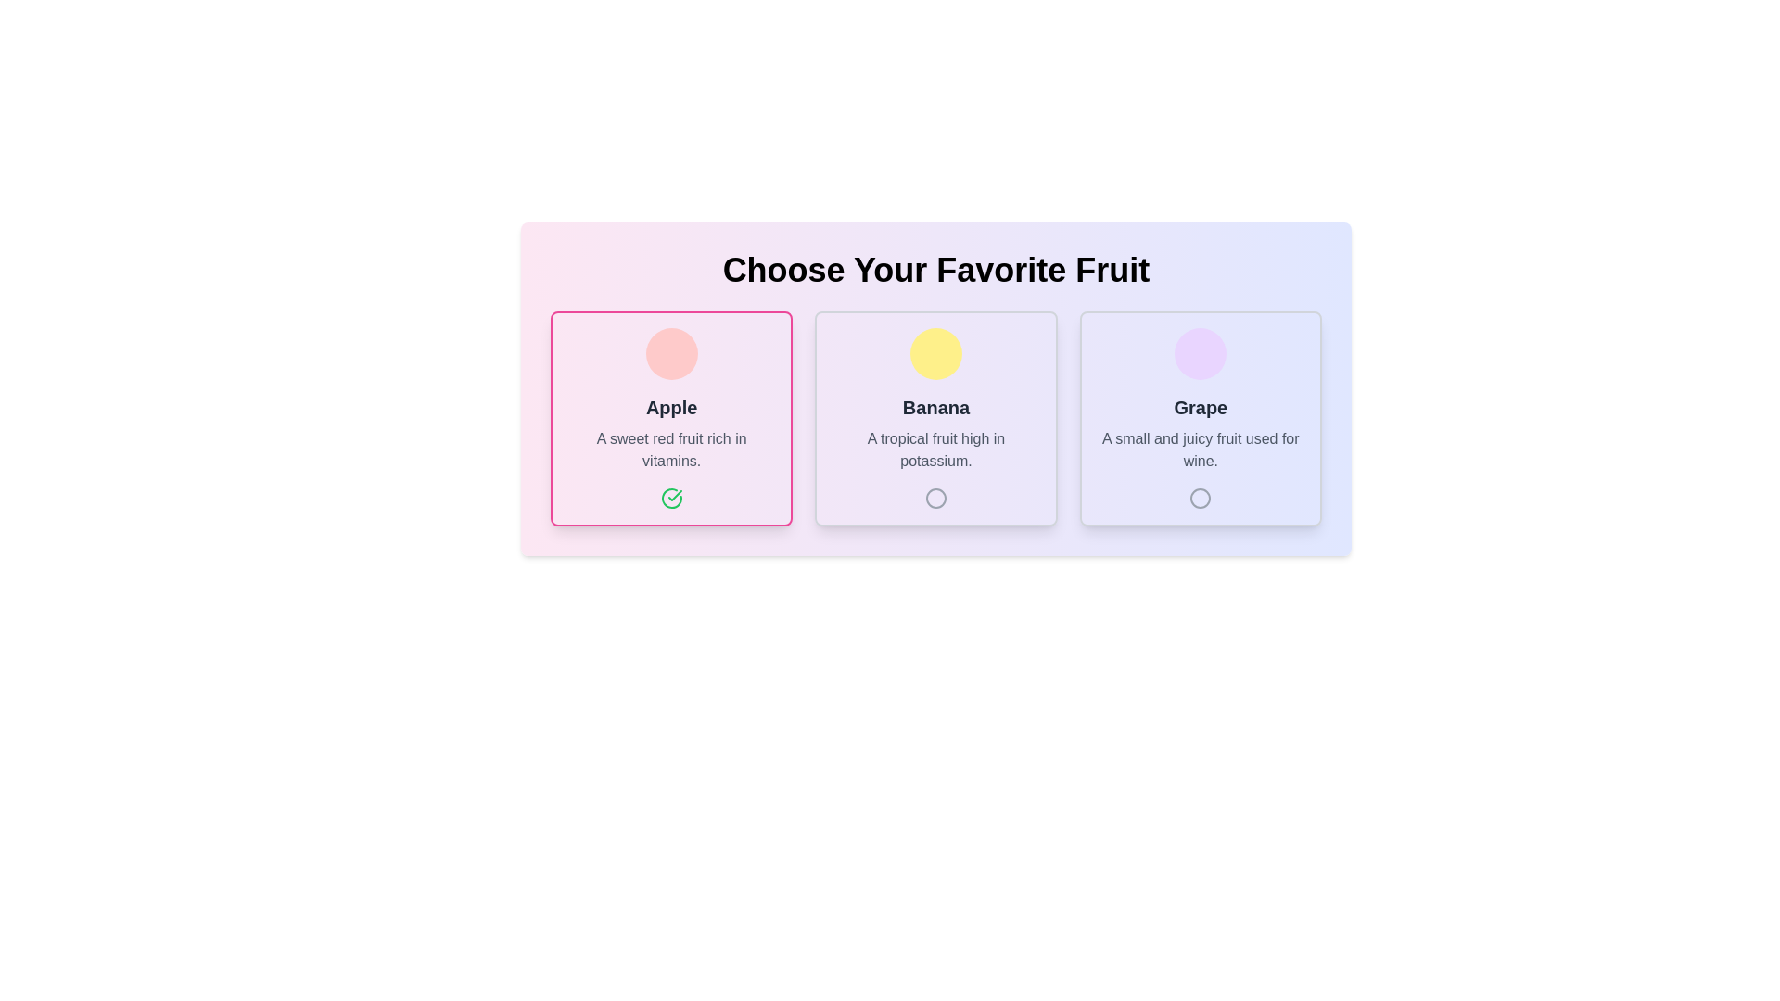 Image resolution: width=1780 pixels, height=1001 pixels. What do you see at coordinates (1201, 497) in the screenshot?
I see `the circular indicator or icon located at the bottom center of the 'Grape' card, which is the third card from the left in the row of three fruit cards` at bounding box center [1201, 497].